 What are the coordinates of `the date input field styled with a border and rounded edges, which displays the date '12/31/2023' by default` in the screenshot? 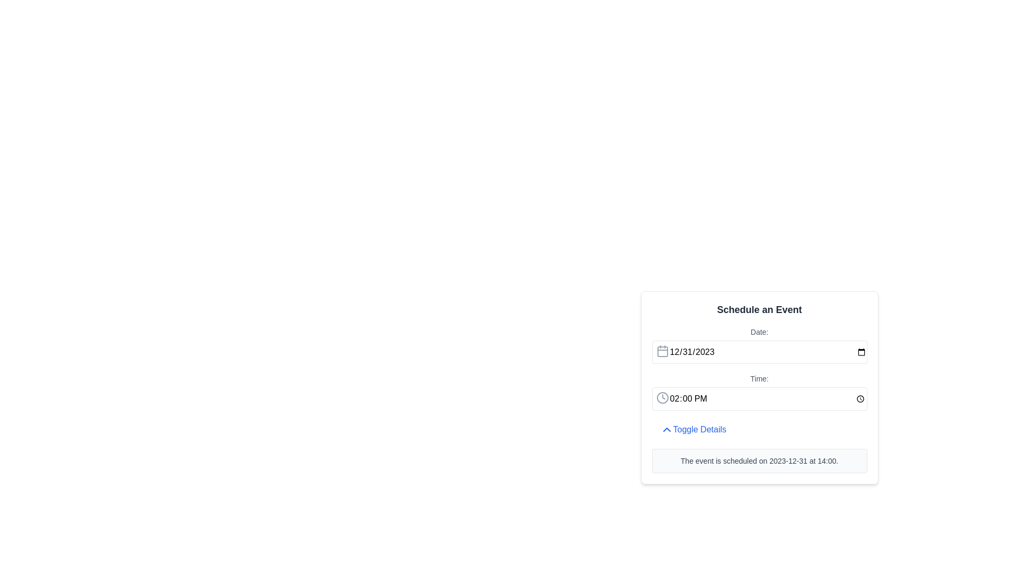 It's located at (759, 352).